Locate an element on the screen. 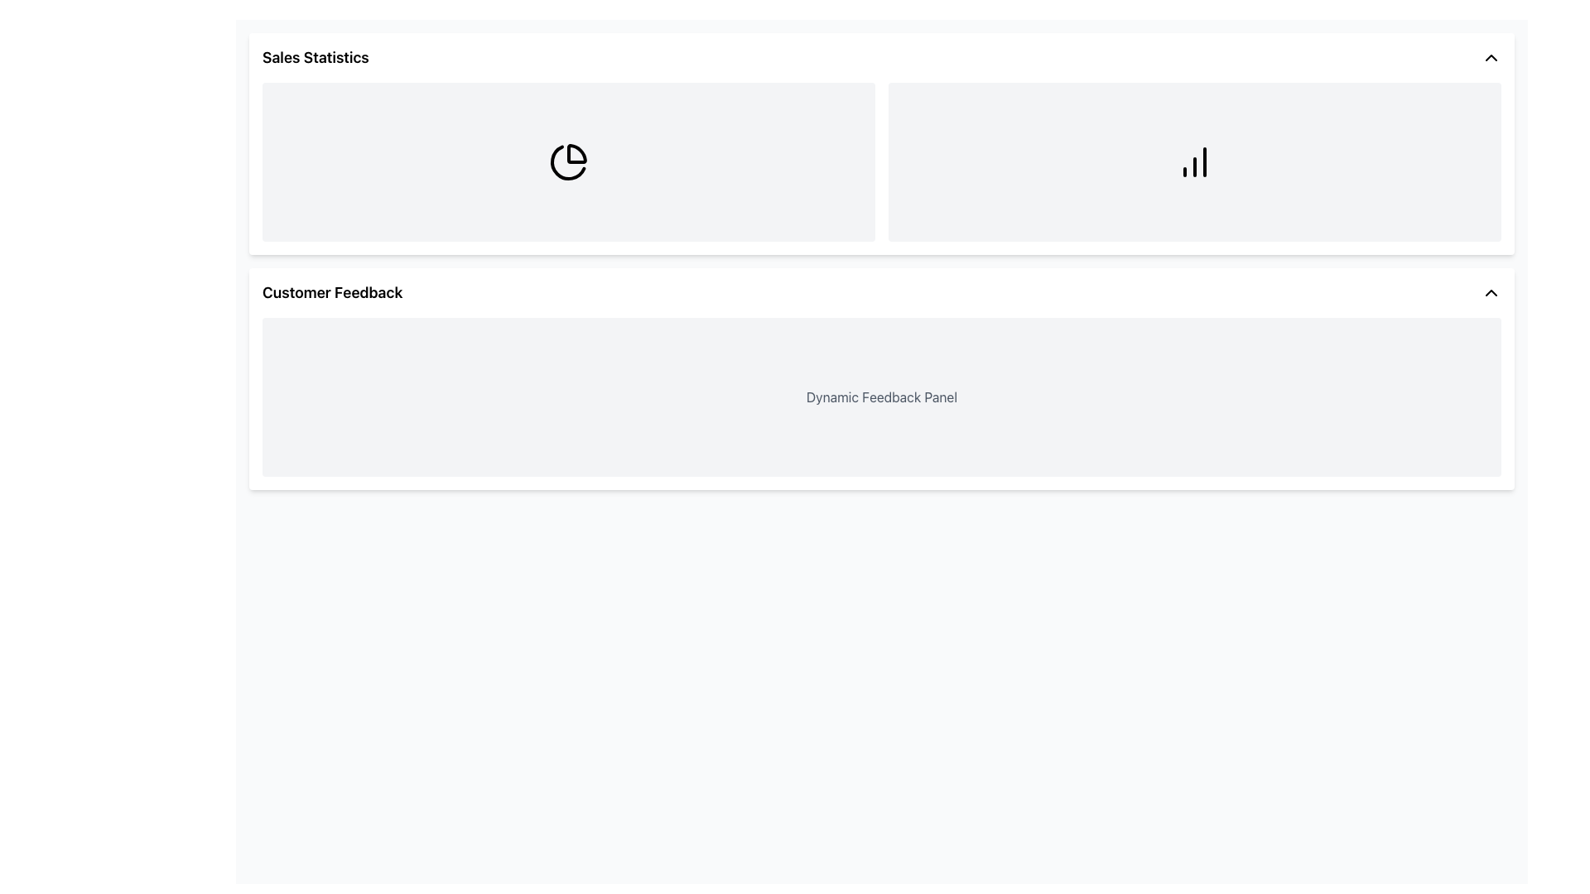 This screenshot has width=1590, height=894. the text label displaying 'Dynamic Feedback Panel' which is located centrally within the 'Customer Feedback' section, positioned towards the top of its gray-backgrounded rectangular area is located at coordinates (881, 397).